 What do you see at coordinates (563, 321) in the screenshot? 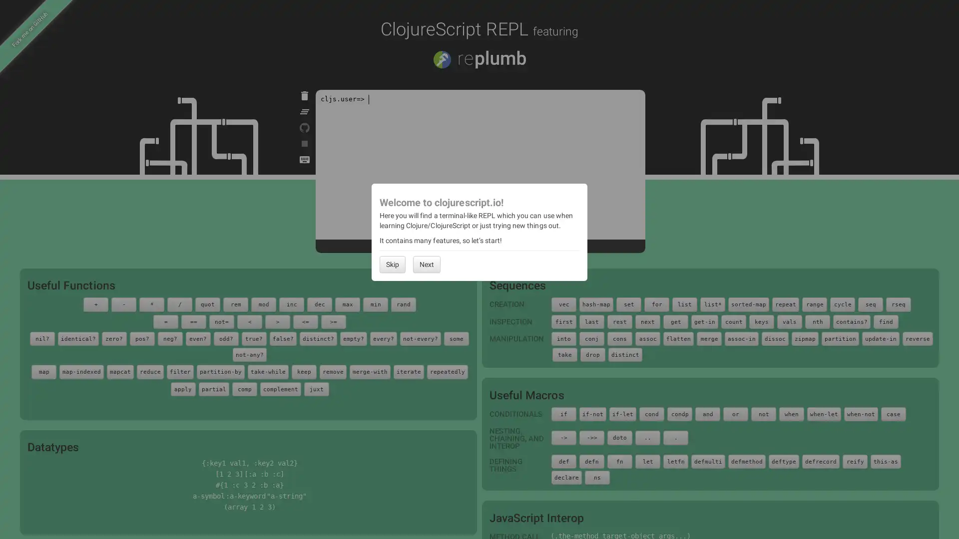
I see `first` at bounding box center [563, 321].